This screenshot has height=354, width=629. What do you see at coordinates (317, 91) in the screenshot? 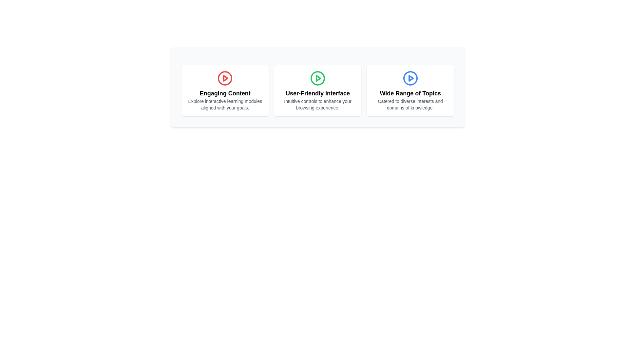
I see `the Information Card located in the second column of the three-column grid layout, positioned between the 'Engaging Content' and 'Wide Range of Topics' cards` at bounding box center [317, 91].